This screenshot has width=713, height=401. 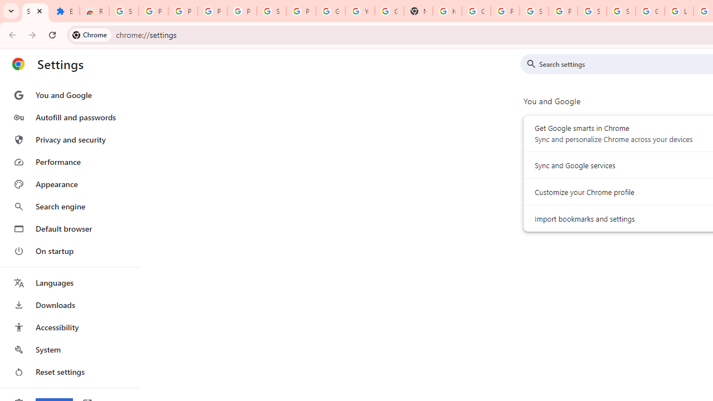 What do you see at coordinates (447, 11) in the screenshot?
I see `'https://scholar.google.com/'` at bounding box center [447, 11].